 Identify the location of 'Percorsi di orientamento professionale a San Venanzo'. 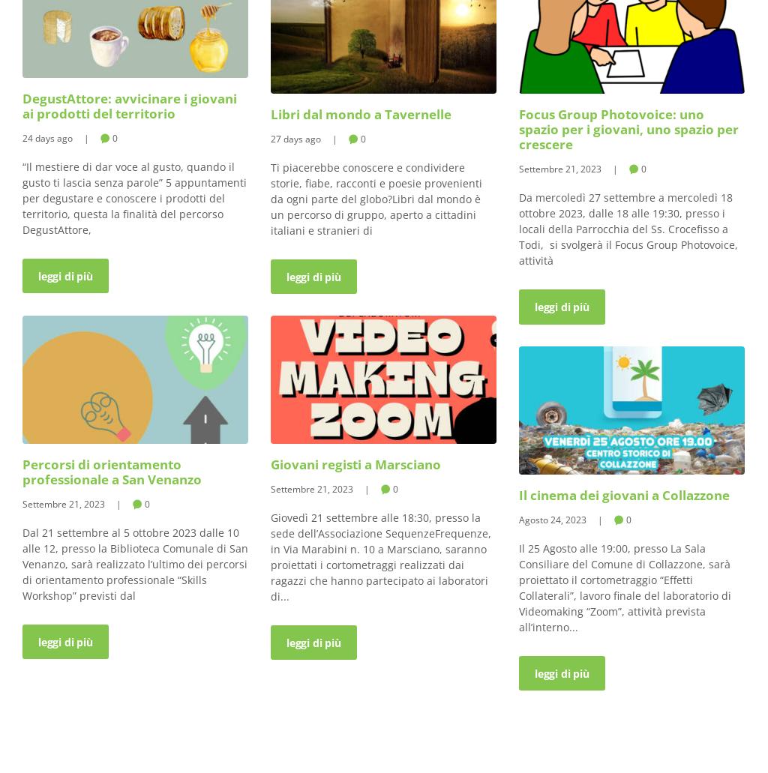
(111, 471).